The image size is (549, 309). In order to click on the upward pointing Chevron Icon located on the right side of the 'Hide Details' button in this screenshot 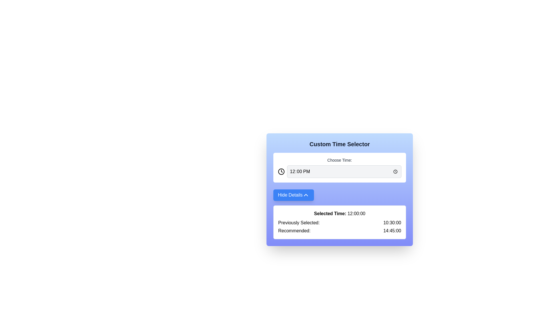, I will do `click(306, 195)`.